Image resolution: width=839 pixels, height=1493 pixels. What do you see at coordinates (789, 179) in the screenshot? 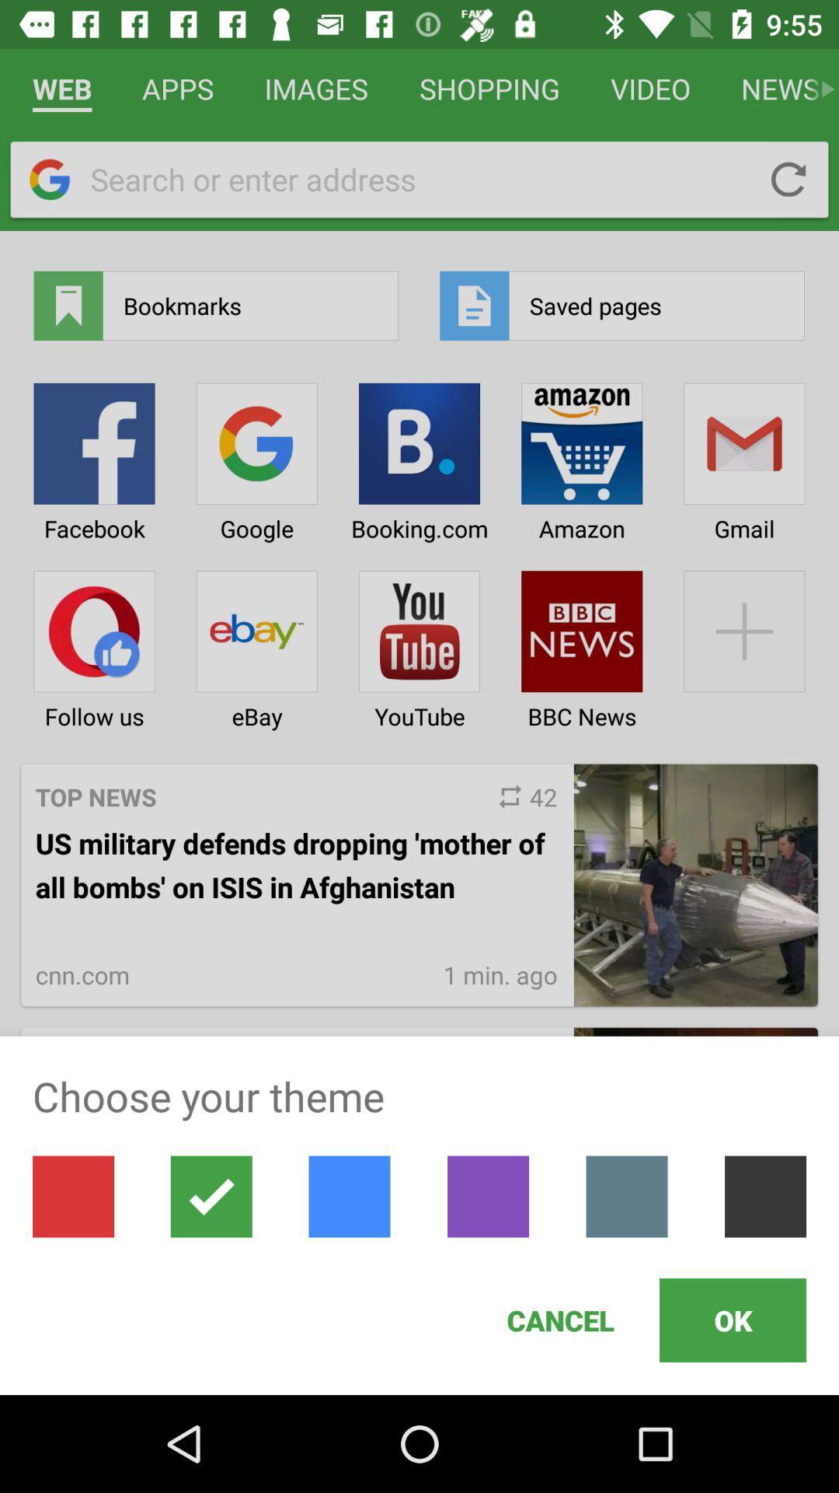
I see `the refresh button on the web page` at bounding box center [789, 179].